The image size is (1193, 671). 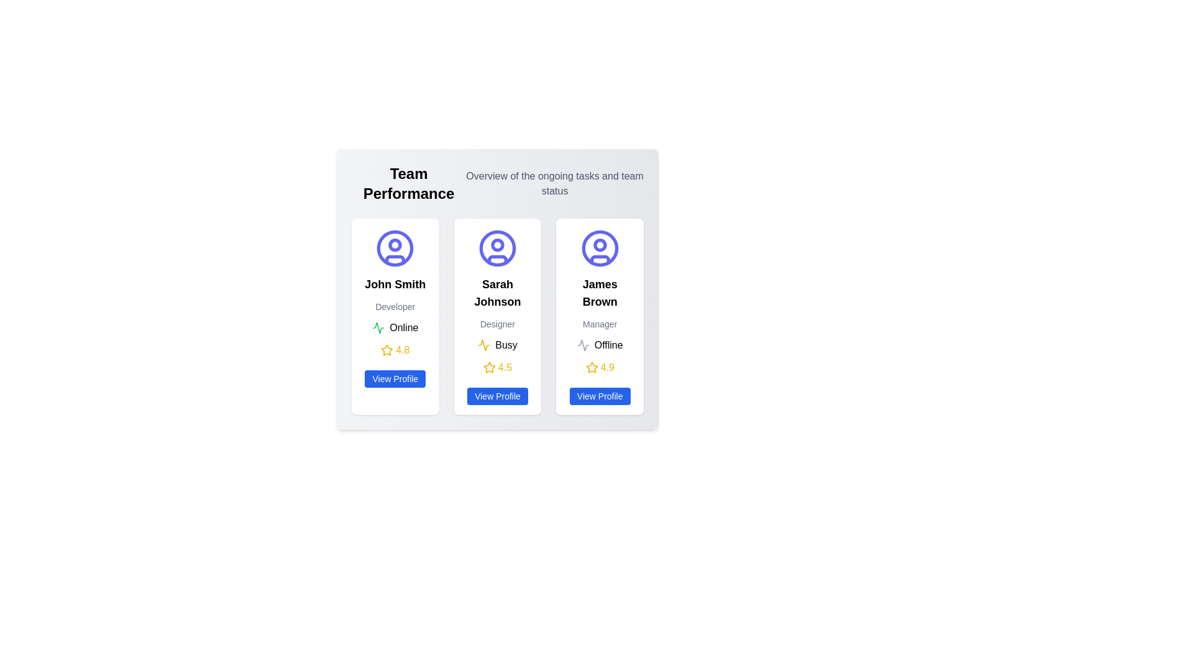 What do you see at coordinates (404, 327) in the screenshot?
I see `text label indicating the online status of user 'John Smith', which is positioned to the right of a green activity icon and above a star rating of 4.8` at bounding box center [404, 327].